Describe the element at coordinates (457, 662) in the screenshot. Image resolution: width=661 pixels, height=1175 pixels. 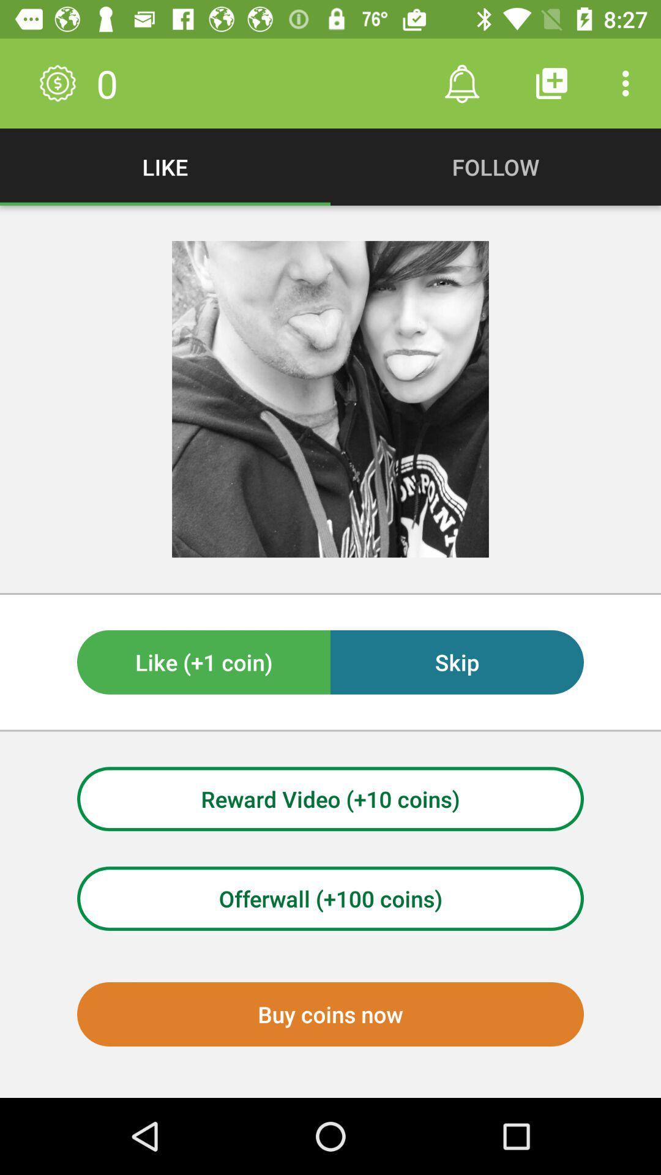
I see `the icon on the right` at that location.